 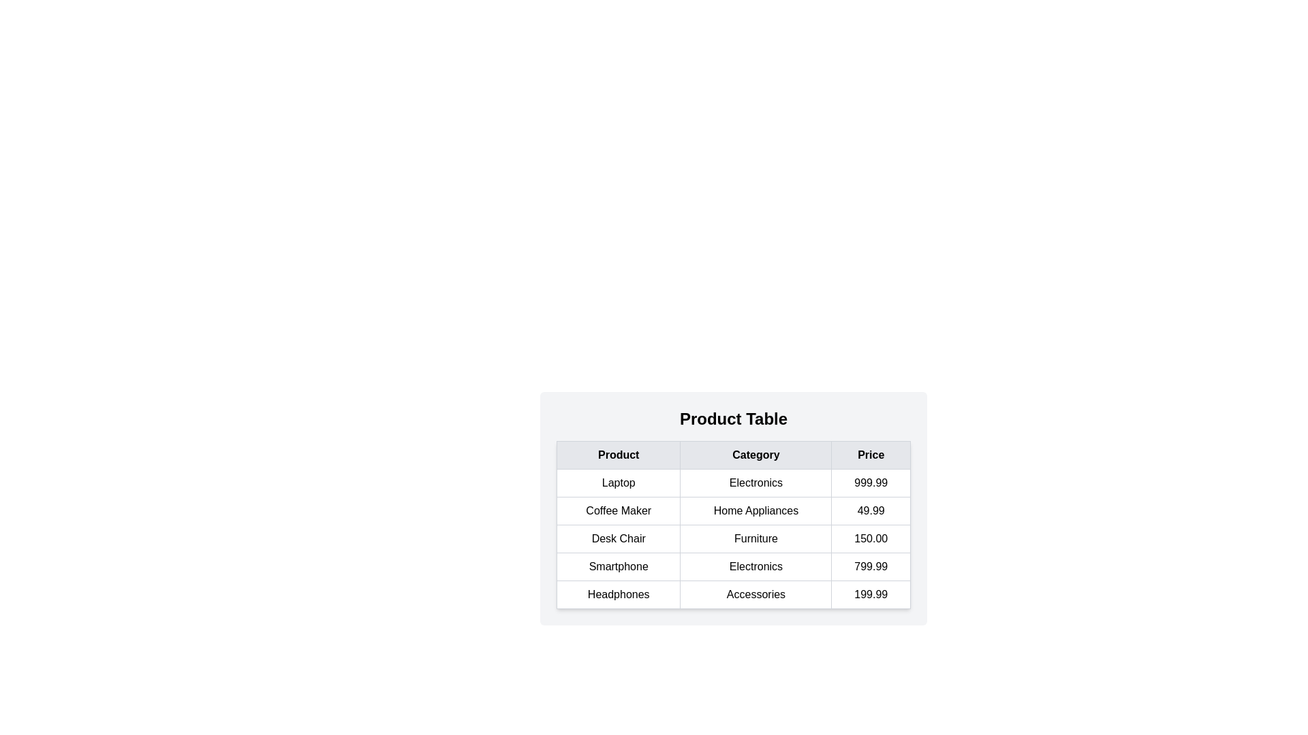 I want to click on the text label in the second cell of the row corresponding to 'Laptop' in the main table area, under the 'Category' column, so click(x=755, y=482).